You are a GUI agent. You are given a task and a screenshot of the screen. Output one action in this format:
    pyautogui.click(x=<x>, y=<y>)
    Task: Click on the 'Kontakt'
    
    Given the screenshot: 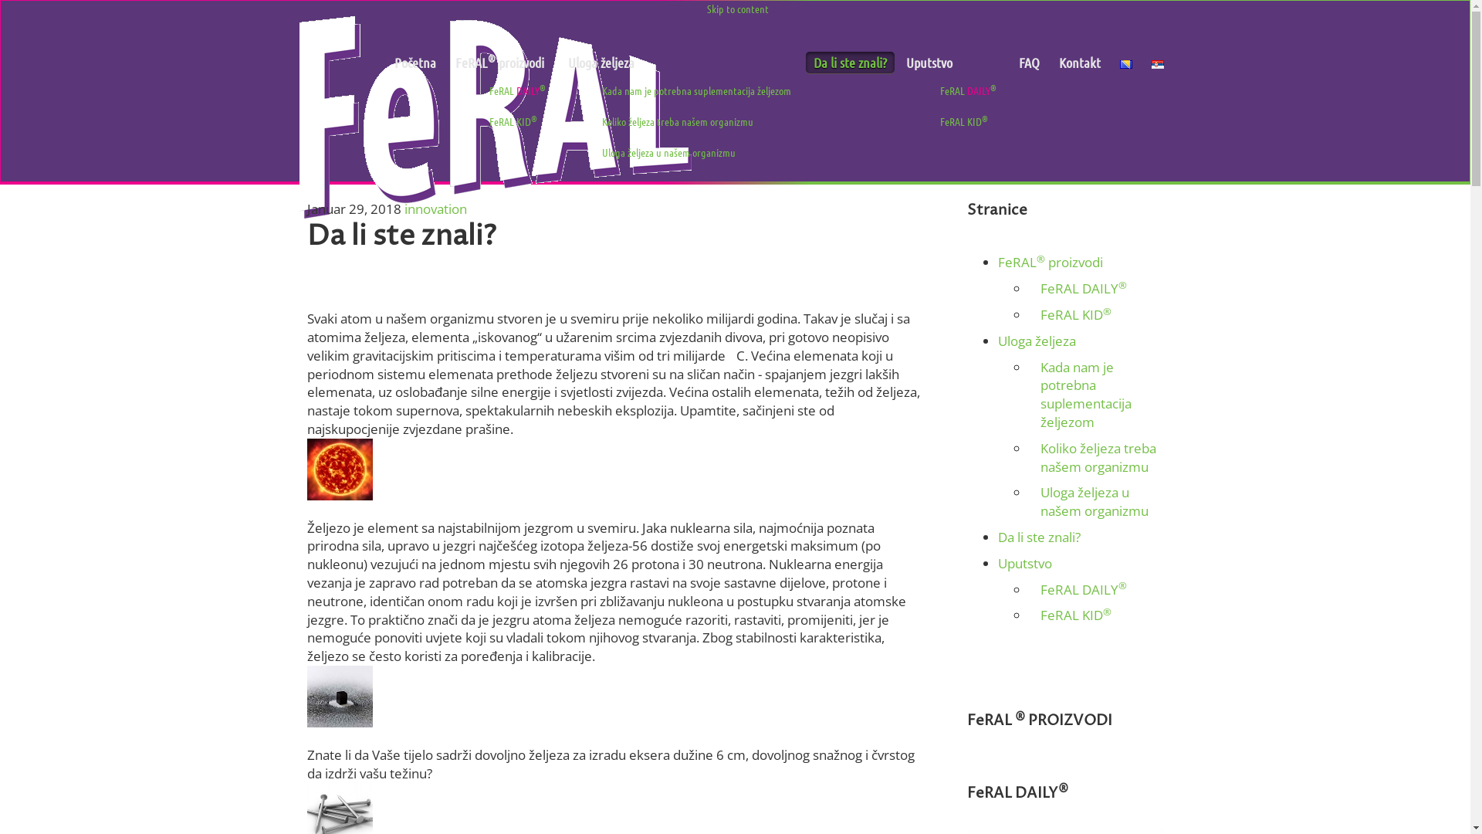 What is the action you would take?
    pyautogui.click(x=1078, y=62)
    